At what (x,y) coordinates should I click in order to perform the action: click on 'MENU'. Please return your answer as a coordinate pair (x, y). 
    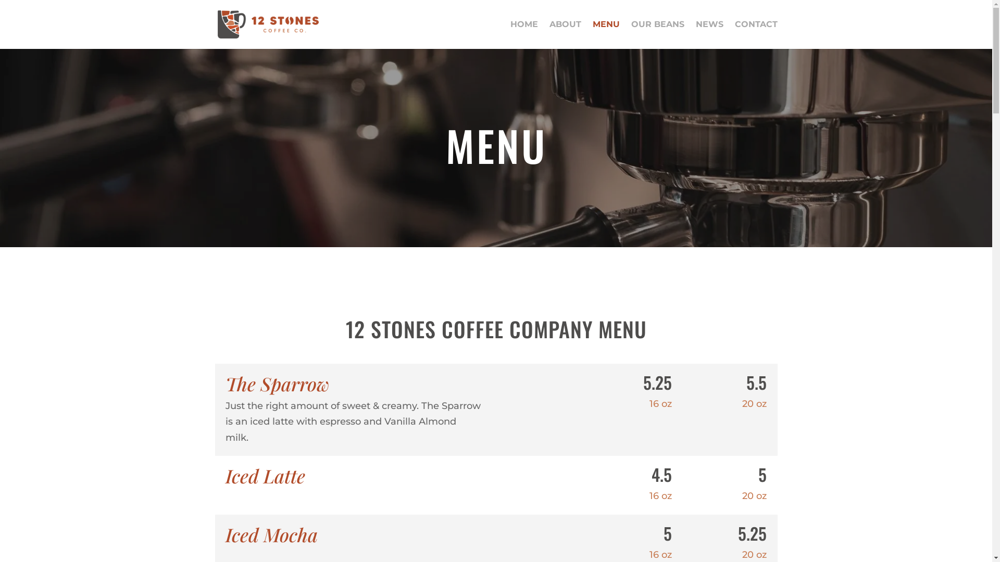
    Looking at the image, I should click on (606, 34).